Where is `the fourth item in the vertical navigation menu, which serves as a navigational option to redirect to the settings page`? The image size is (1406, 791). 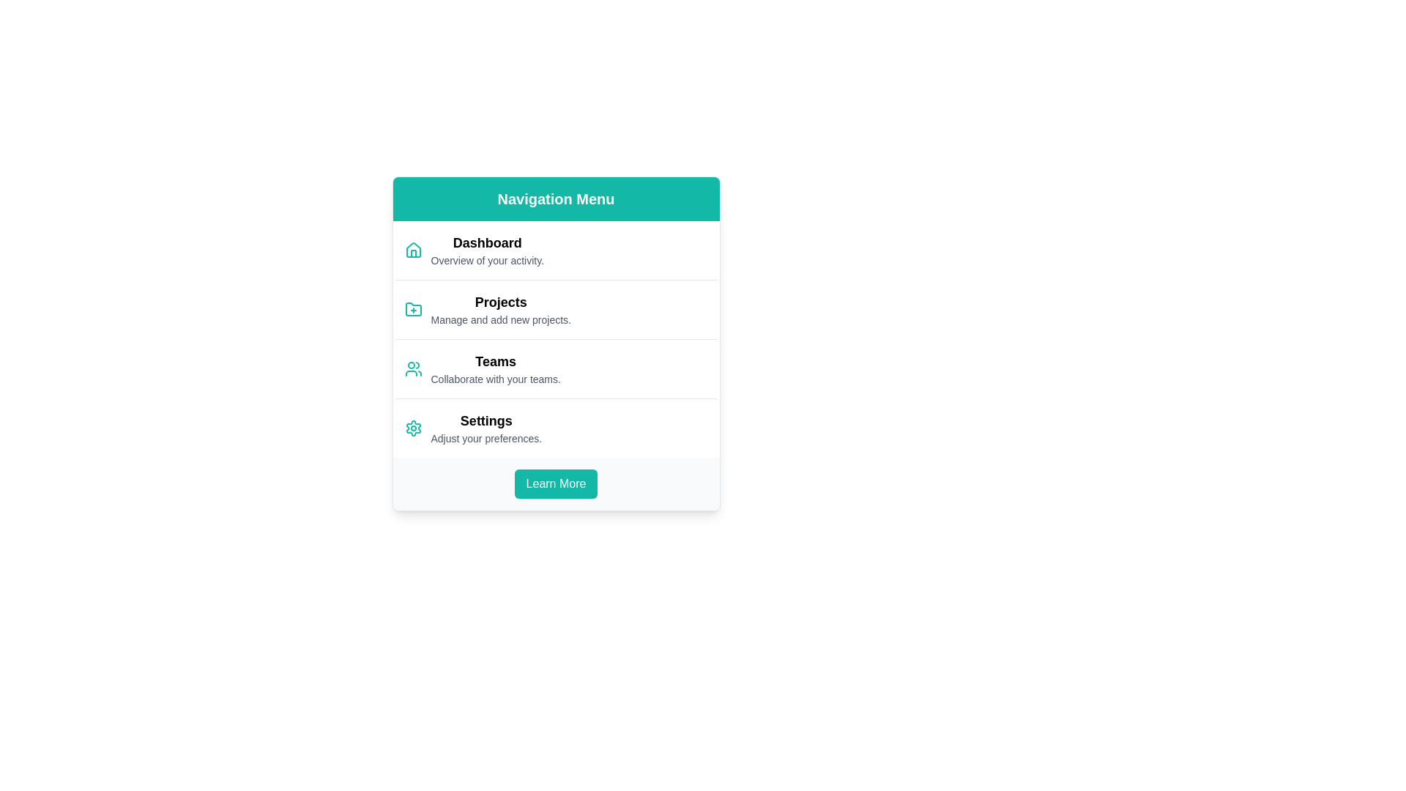
the fourth item in the vertical navigation menu, which serves as a navigational option to redirect to the settings page is located at coordinates (555, 428).